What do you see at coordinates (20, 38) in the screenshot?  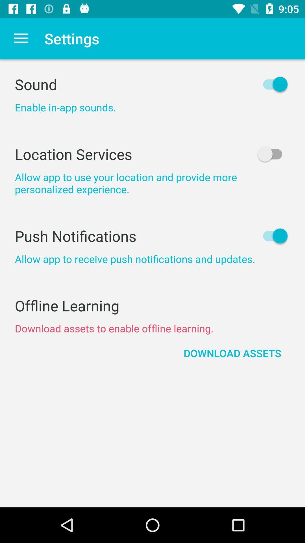 I see `icon to the left of the settings` at bounding box center [20, 38].